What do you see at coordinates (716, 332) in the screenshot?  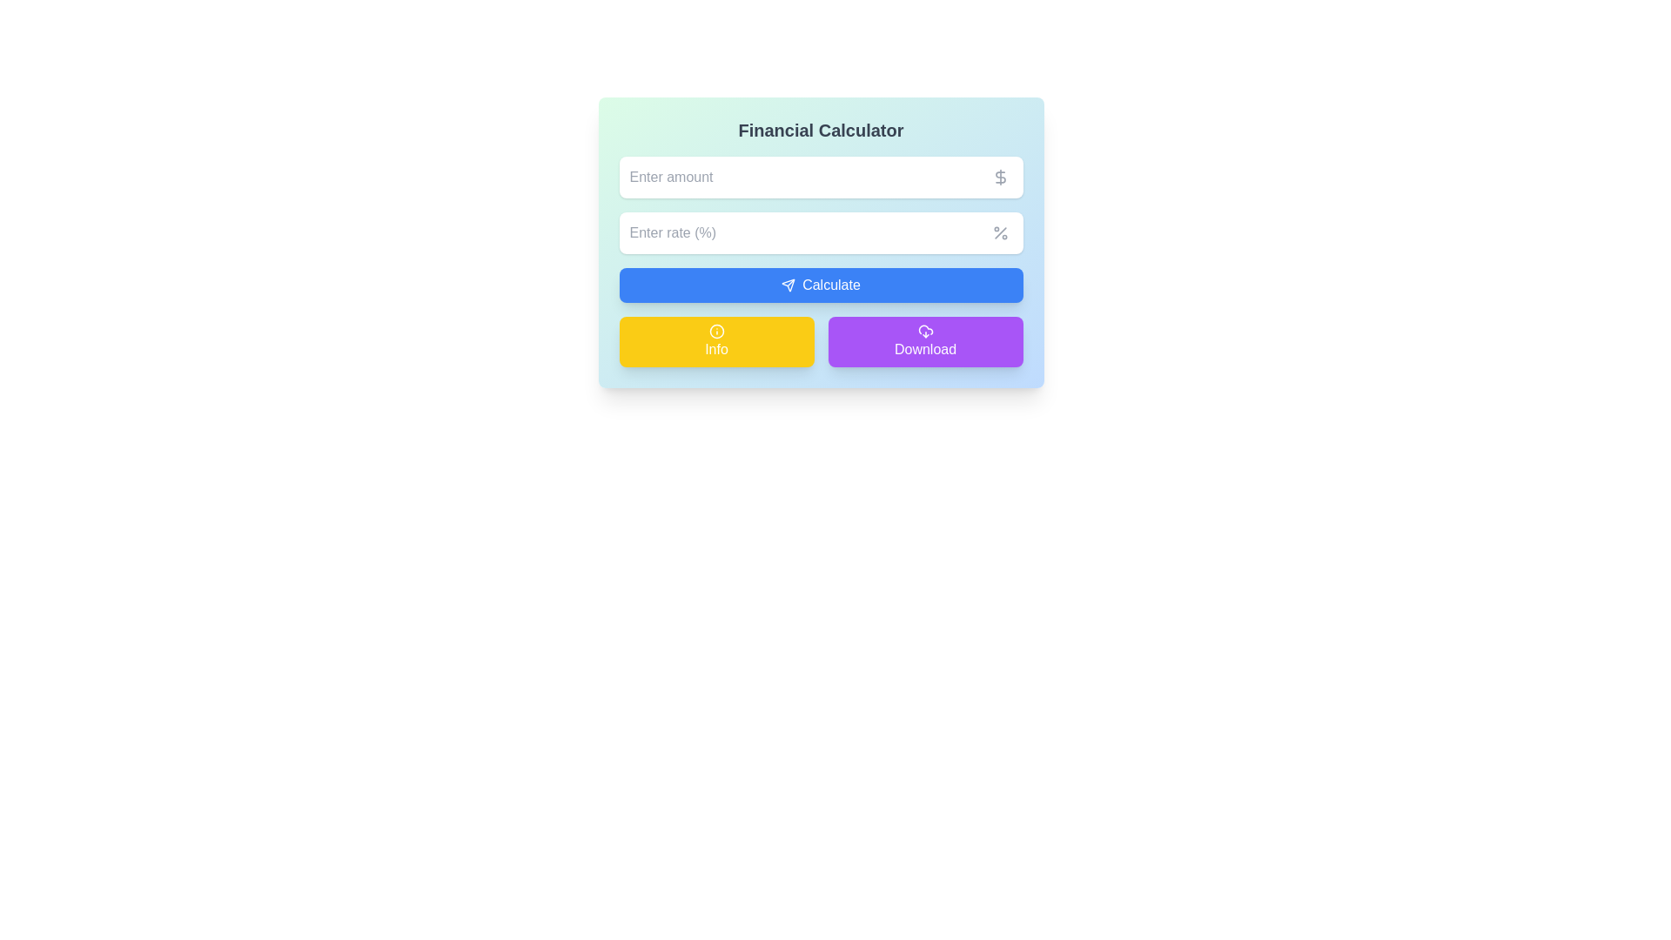 I see `the decorative circle within the 'Info' button, which has a yellow fill and is part of an 'info' icon` at bounding box center [716, 332].